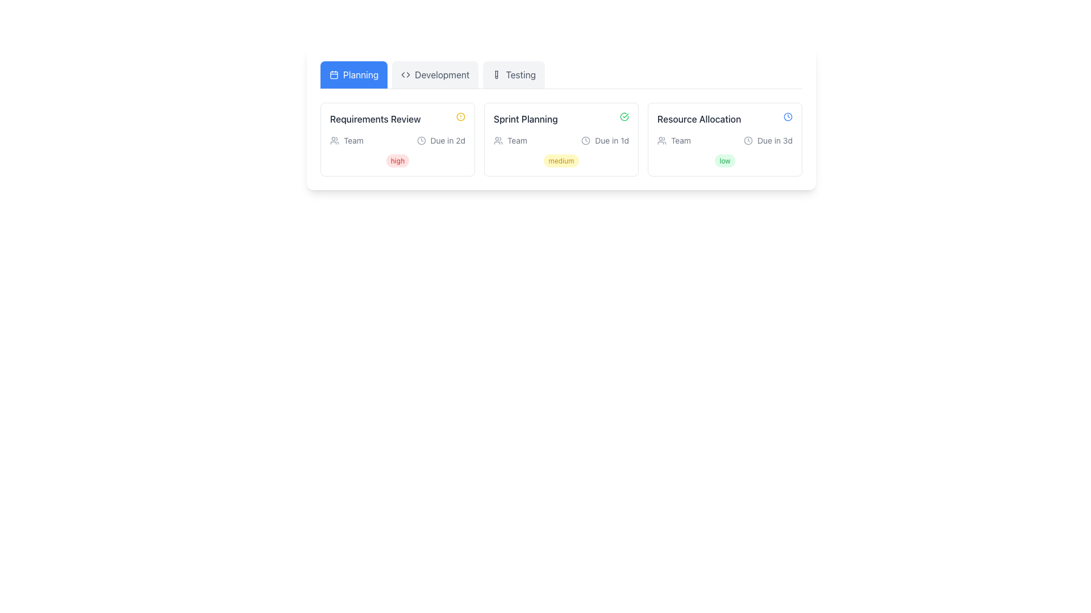 The width and height of the screenshot is (1091, 613). What do you see at coordinates (662, 140) in the screenshot?
I see `the 'Team' icon located to the left of the 'Team' text within the 'Resource Allocation' card in the 'Planning' category` at bounding box center [662, 140].